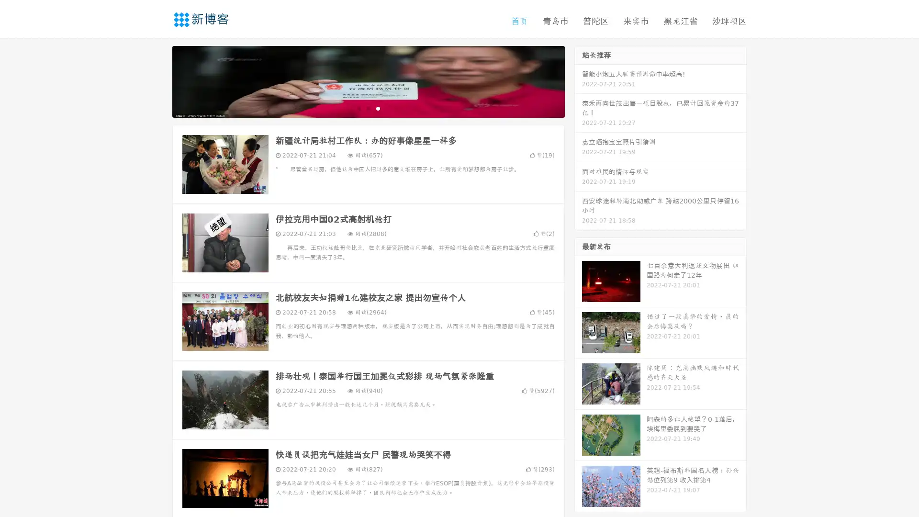  I want to click on Go to slide 3, so click(378, 108).